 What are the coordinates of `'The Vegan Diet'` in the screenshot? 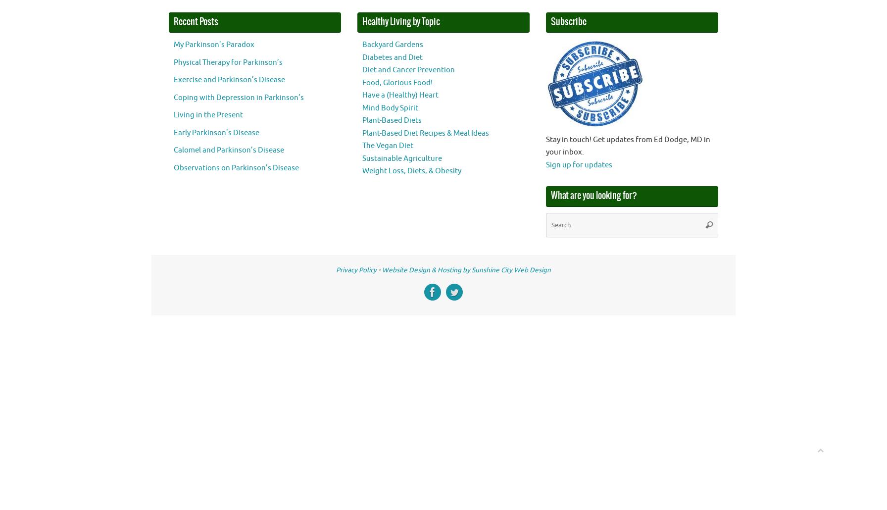 It's located at (387, 145).